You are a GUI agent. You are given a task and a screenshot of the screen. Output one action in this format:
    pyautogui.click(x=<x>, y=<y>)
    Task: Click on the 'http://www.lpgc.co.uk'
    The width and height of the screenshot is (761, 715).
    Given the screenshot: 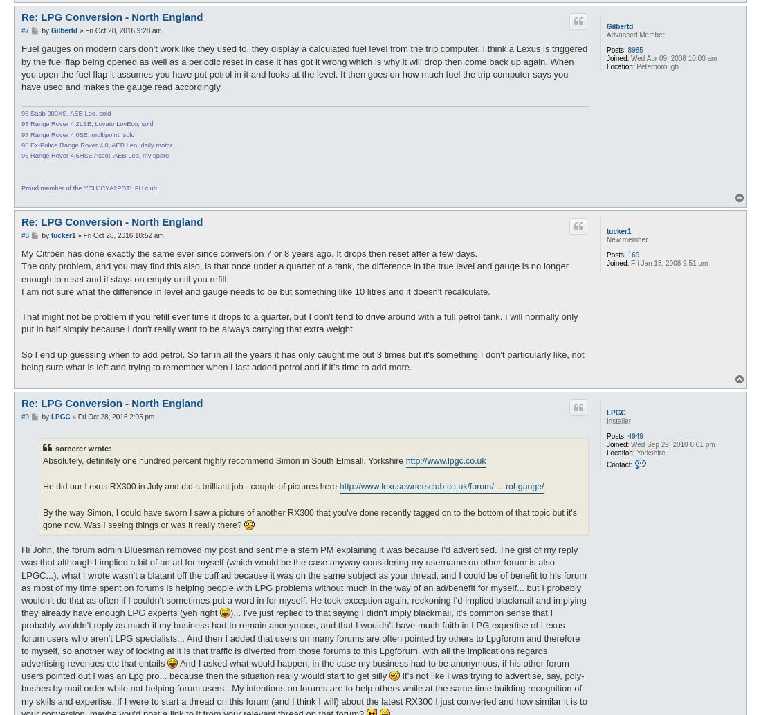 What is the action you would take?
    pyautogui.click(x=404, y=460)
    